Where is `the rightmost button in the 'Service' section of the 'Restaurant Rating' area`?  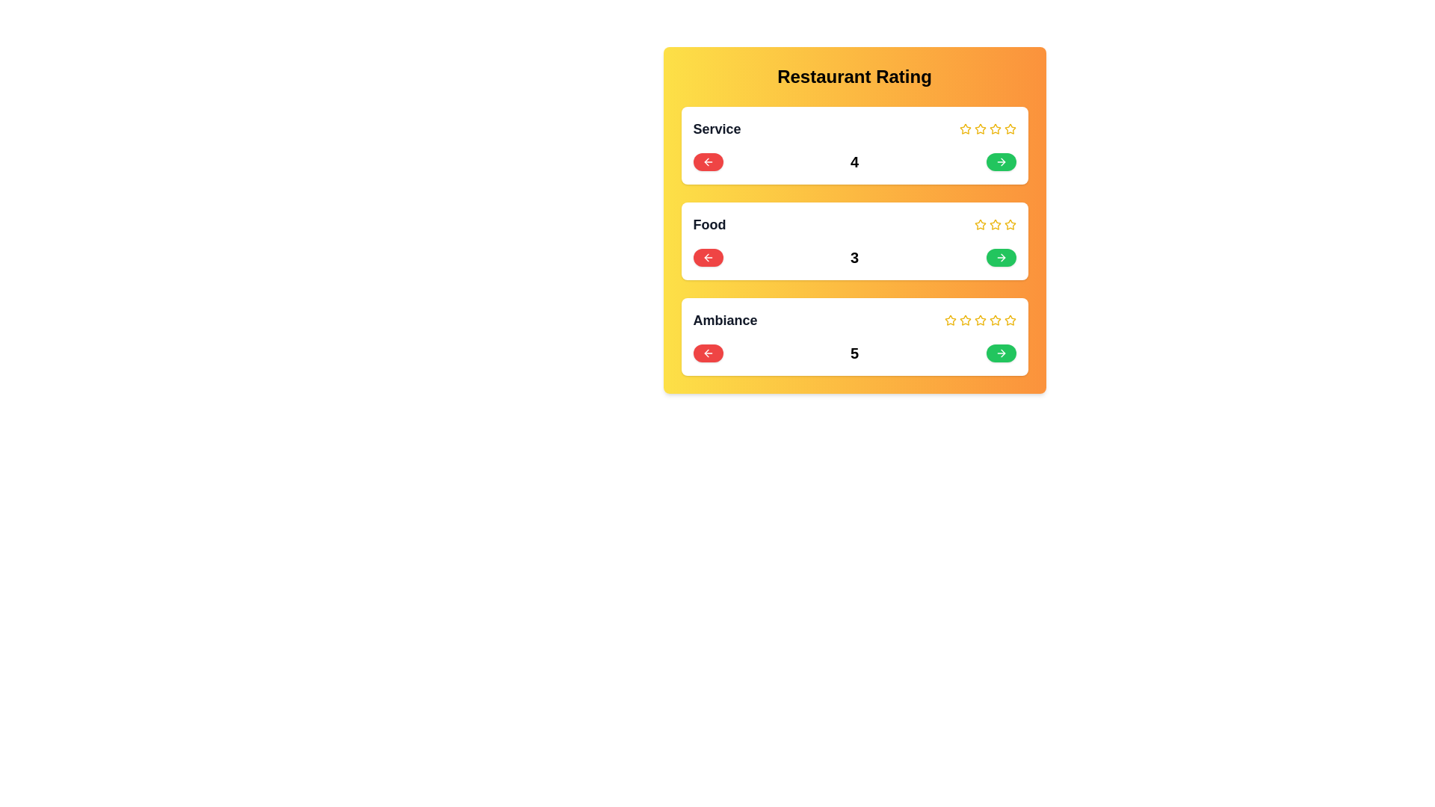
the rightmost button in the 'Service' section of the 'Restaurant Rating' area is located at coordinates (1001, 161).